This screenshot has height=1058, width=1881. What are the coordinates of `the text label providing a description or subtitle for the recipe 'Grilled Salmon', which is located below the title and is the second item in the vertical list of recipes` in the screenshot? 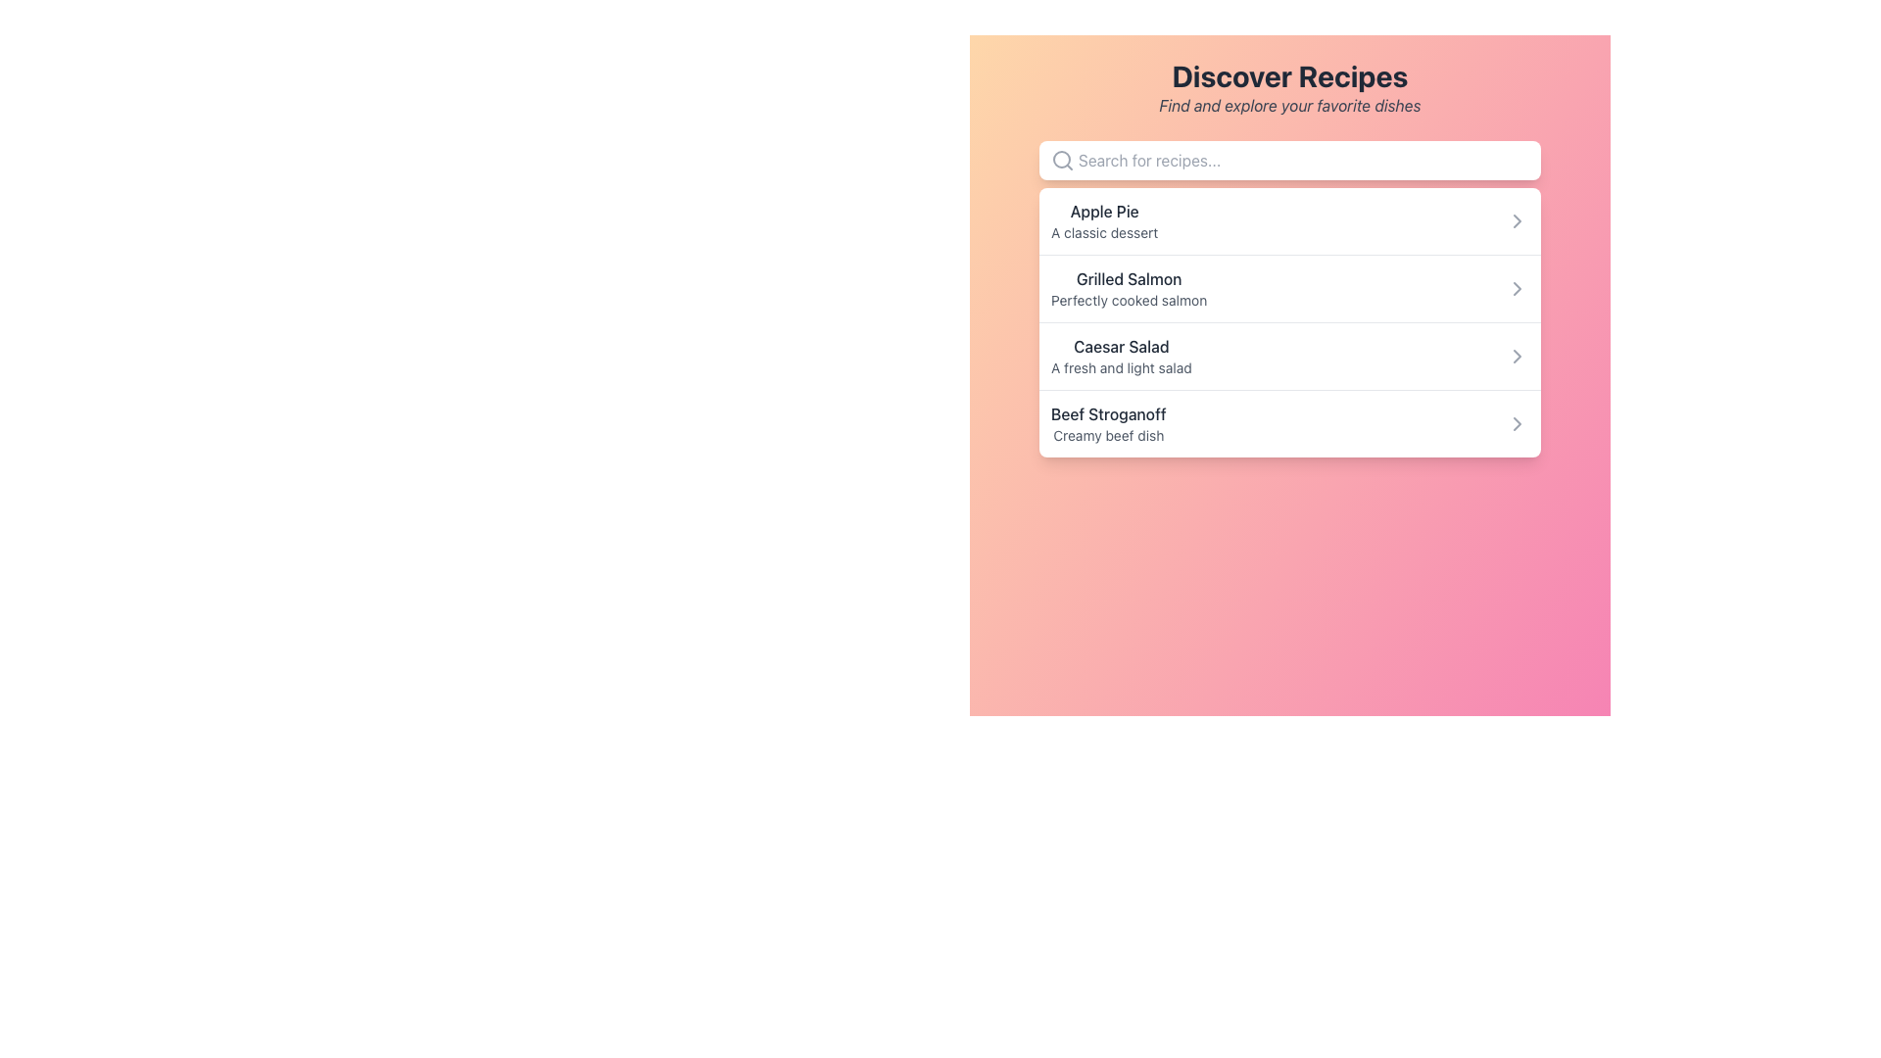 It's located at (1129, 301).